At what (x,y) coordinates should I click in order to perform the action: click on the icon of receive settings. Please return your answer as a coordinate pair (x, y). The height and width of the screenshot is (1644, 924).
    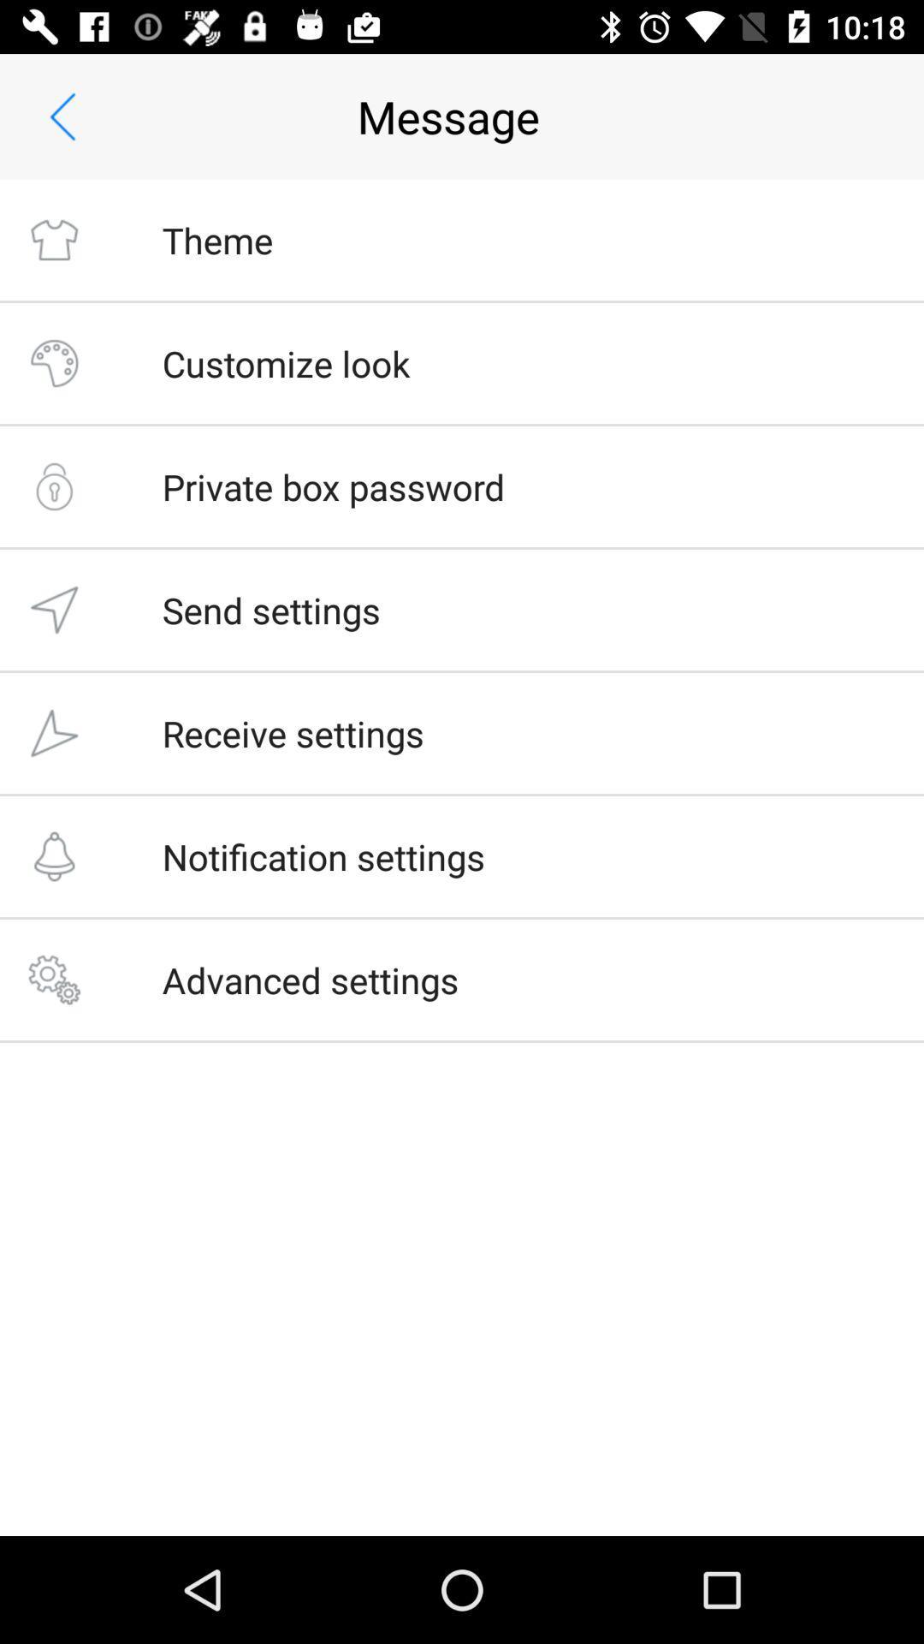
    Looking at the image, I should click on (53, 733).